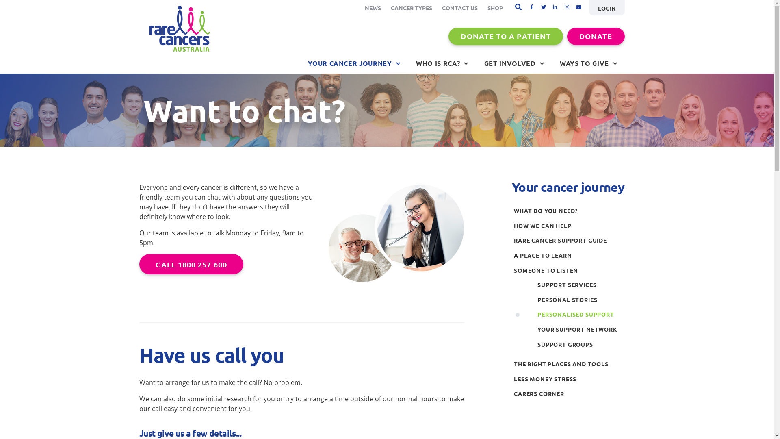 The image size is (780, 439). What do you see at coordinates (568, 187) in the screenshot?
I see `'Your cancer journey'` at bounding box center [568, 187].